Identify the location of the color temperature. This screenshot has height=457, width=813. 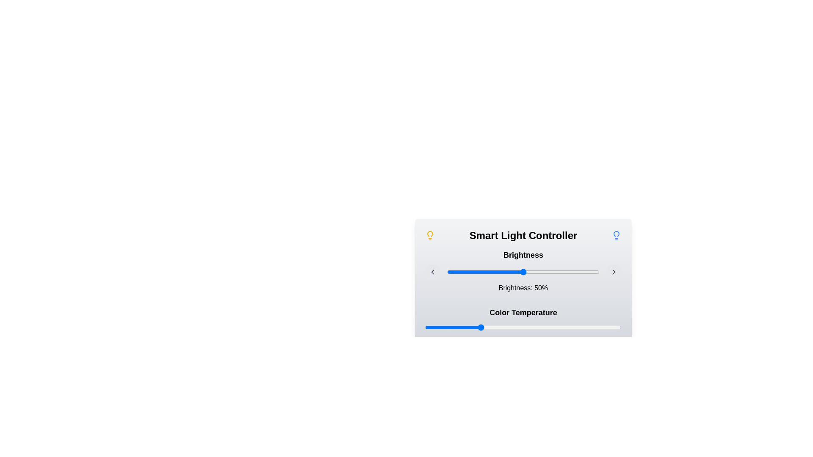
(604, 327).